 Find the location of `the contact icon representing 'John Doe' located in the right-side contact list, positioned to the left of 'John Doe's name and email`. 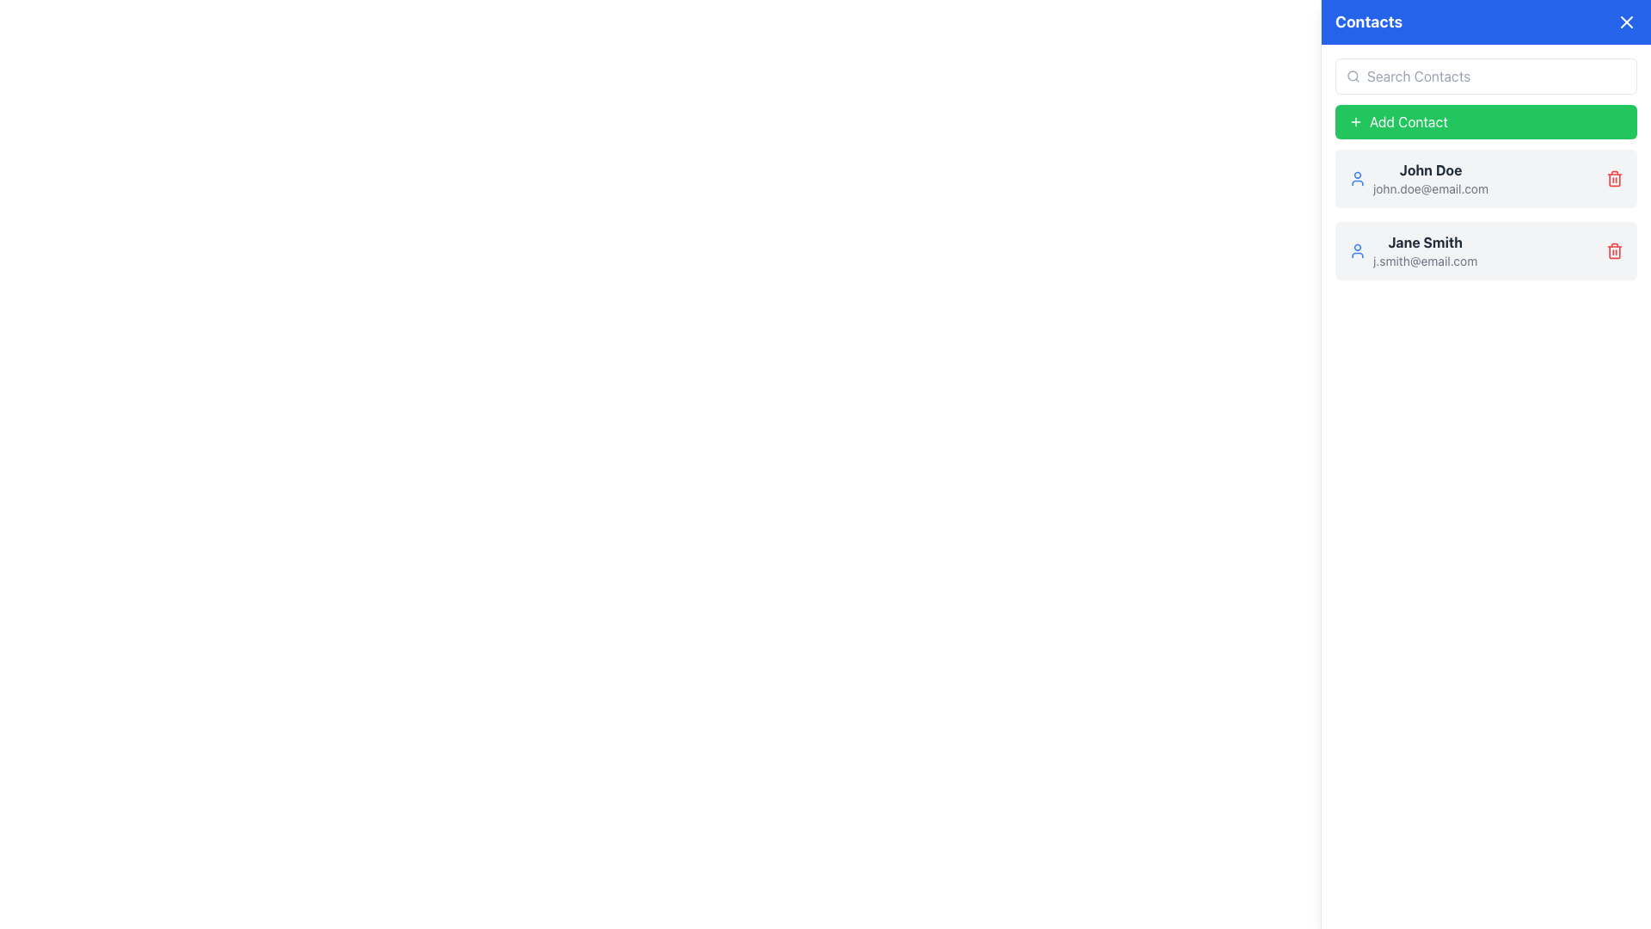

the contact icon representing 'John Doe' located in the right-side contact list, positioned to the left of 'John Doe's name and email is located at coordinates (1357, 179).